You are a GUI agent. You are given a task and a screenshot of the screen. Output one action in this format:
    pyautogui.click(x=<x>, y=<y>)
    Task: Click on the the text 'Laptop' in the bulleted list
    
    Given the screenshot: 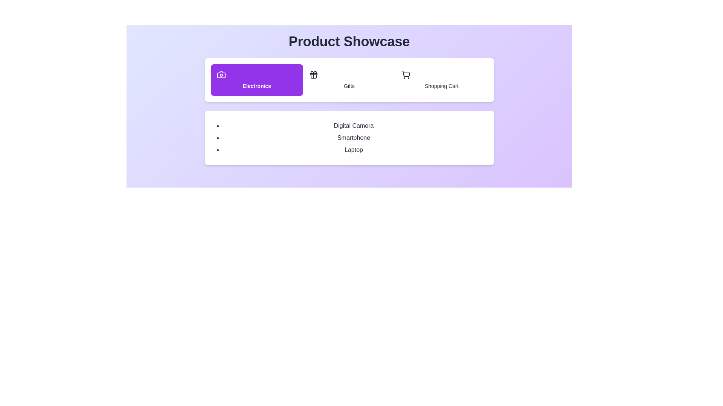 What is the action you would take?
    pyautogui.click(x=353, y=150)
    